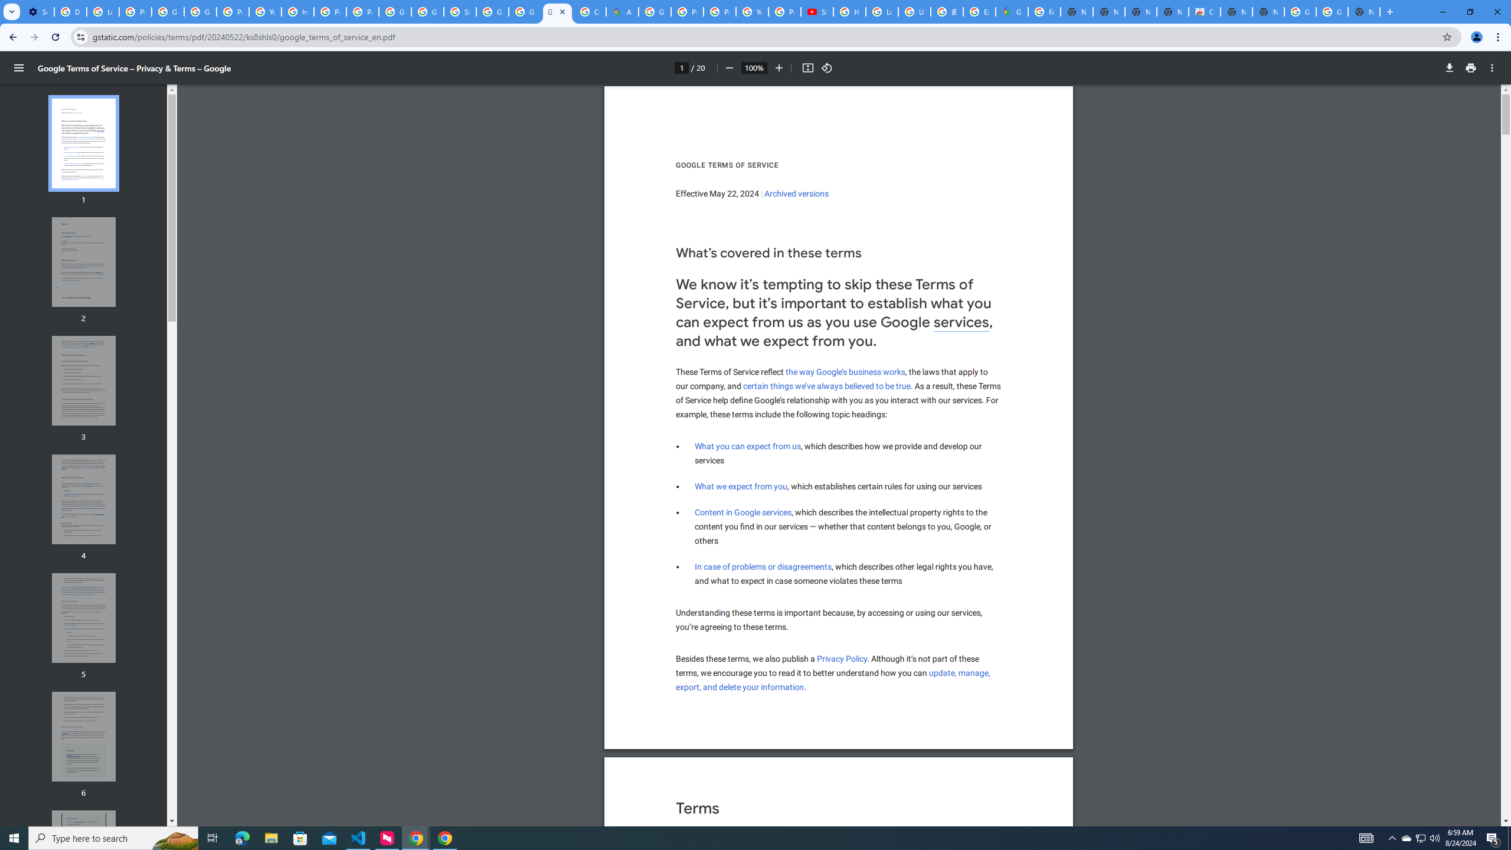 Image resolution: width=1511 pixels, height=850 pixels. What do you see at coordinates (84, 262) in the screenshot?
I see `'Thumbnail for page 2'` at bounding box center [84, 262].